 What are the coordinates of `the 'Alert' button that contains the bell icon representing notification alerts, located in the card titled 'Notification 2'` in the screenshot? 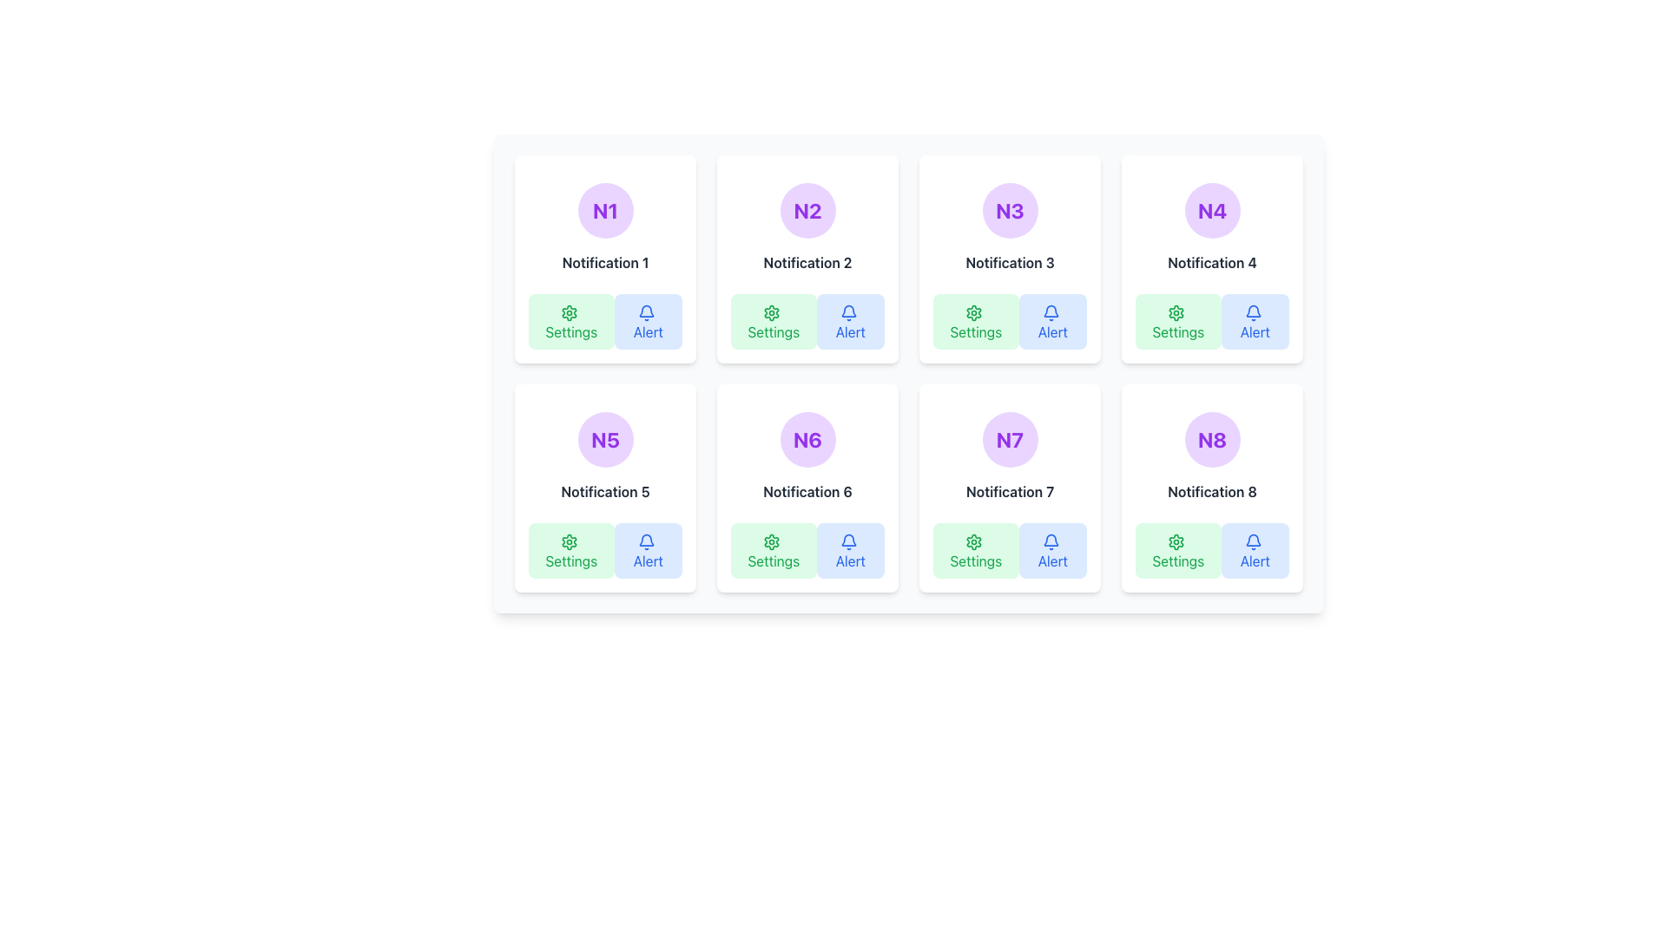 It's located at (848, 312).